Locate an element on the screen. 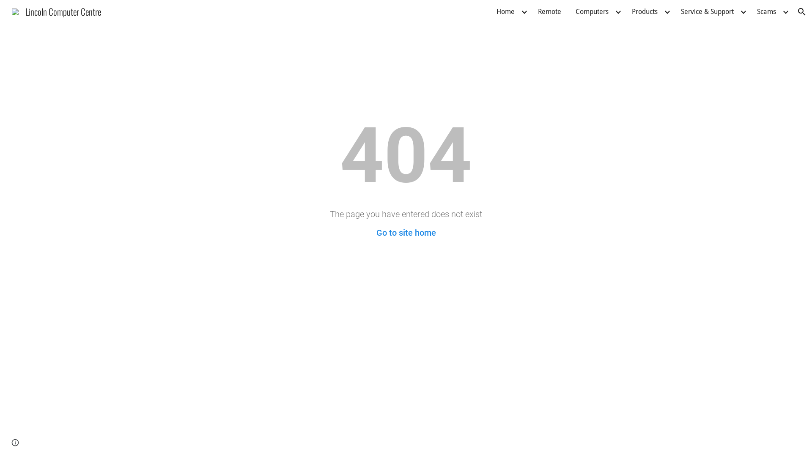 This screenshot has width=812, height=457. 'Lincoln Computer Centre' is located at coordinates (56, 10).